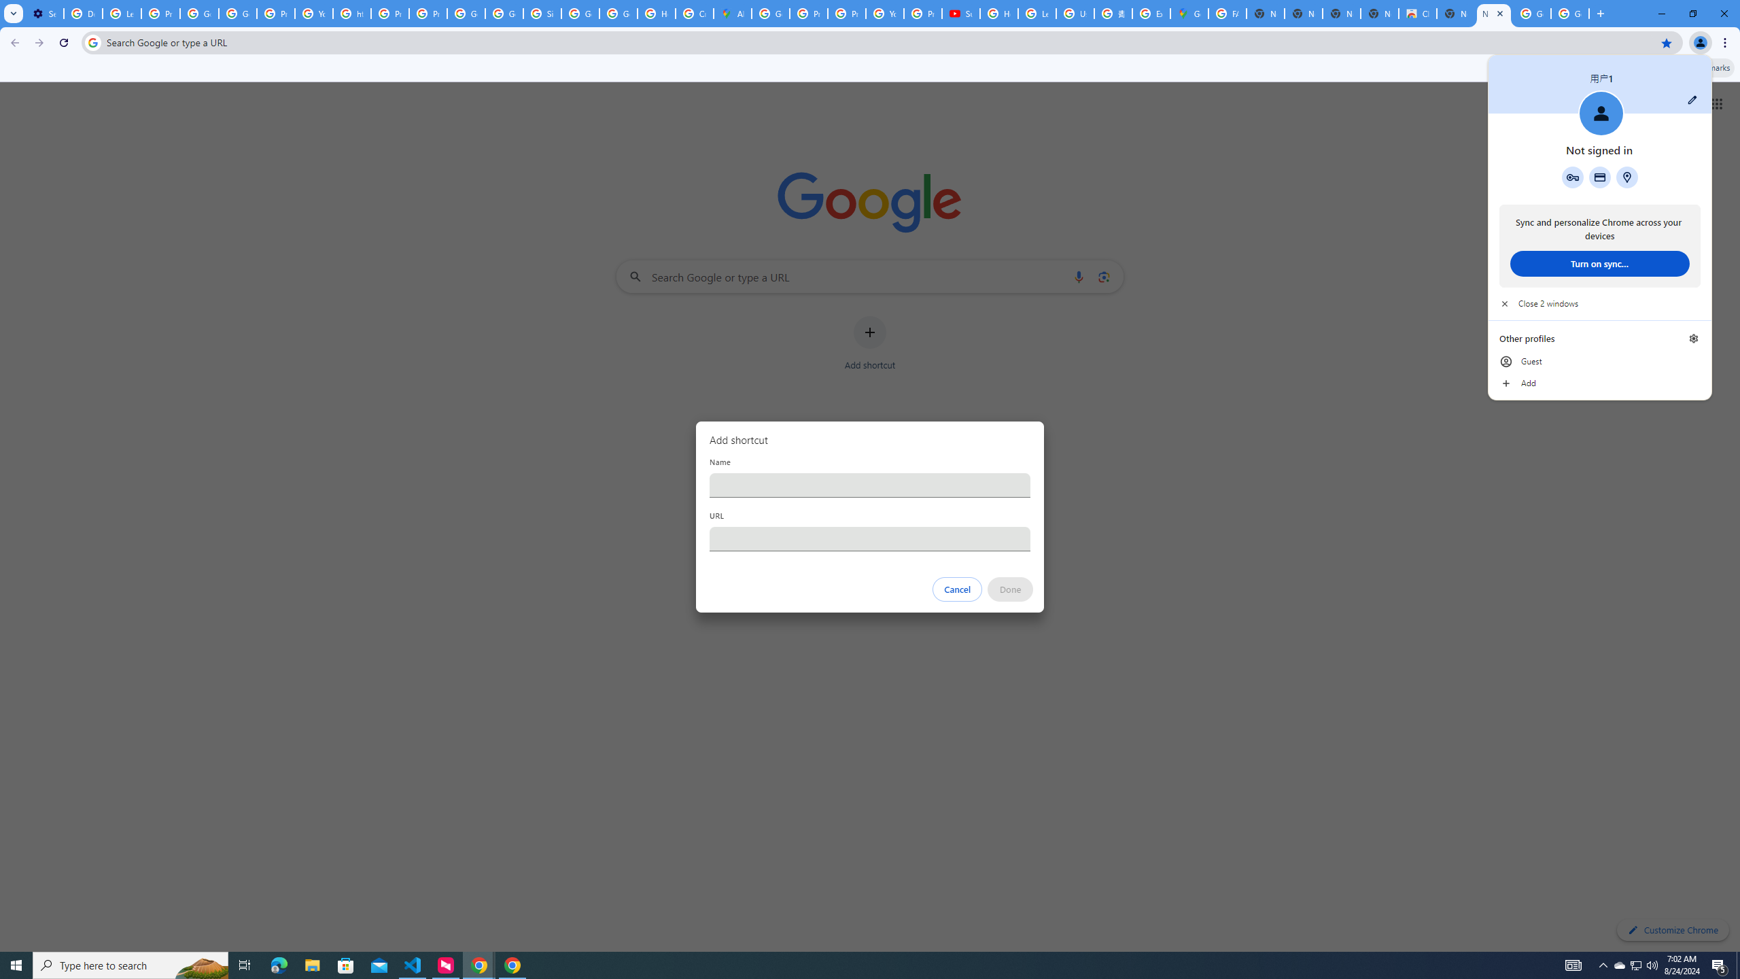 This screenshot has width=1740, height=979. I want to click on 'Google Chrome - 1 running window', so click(512, 964).